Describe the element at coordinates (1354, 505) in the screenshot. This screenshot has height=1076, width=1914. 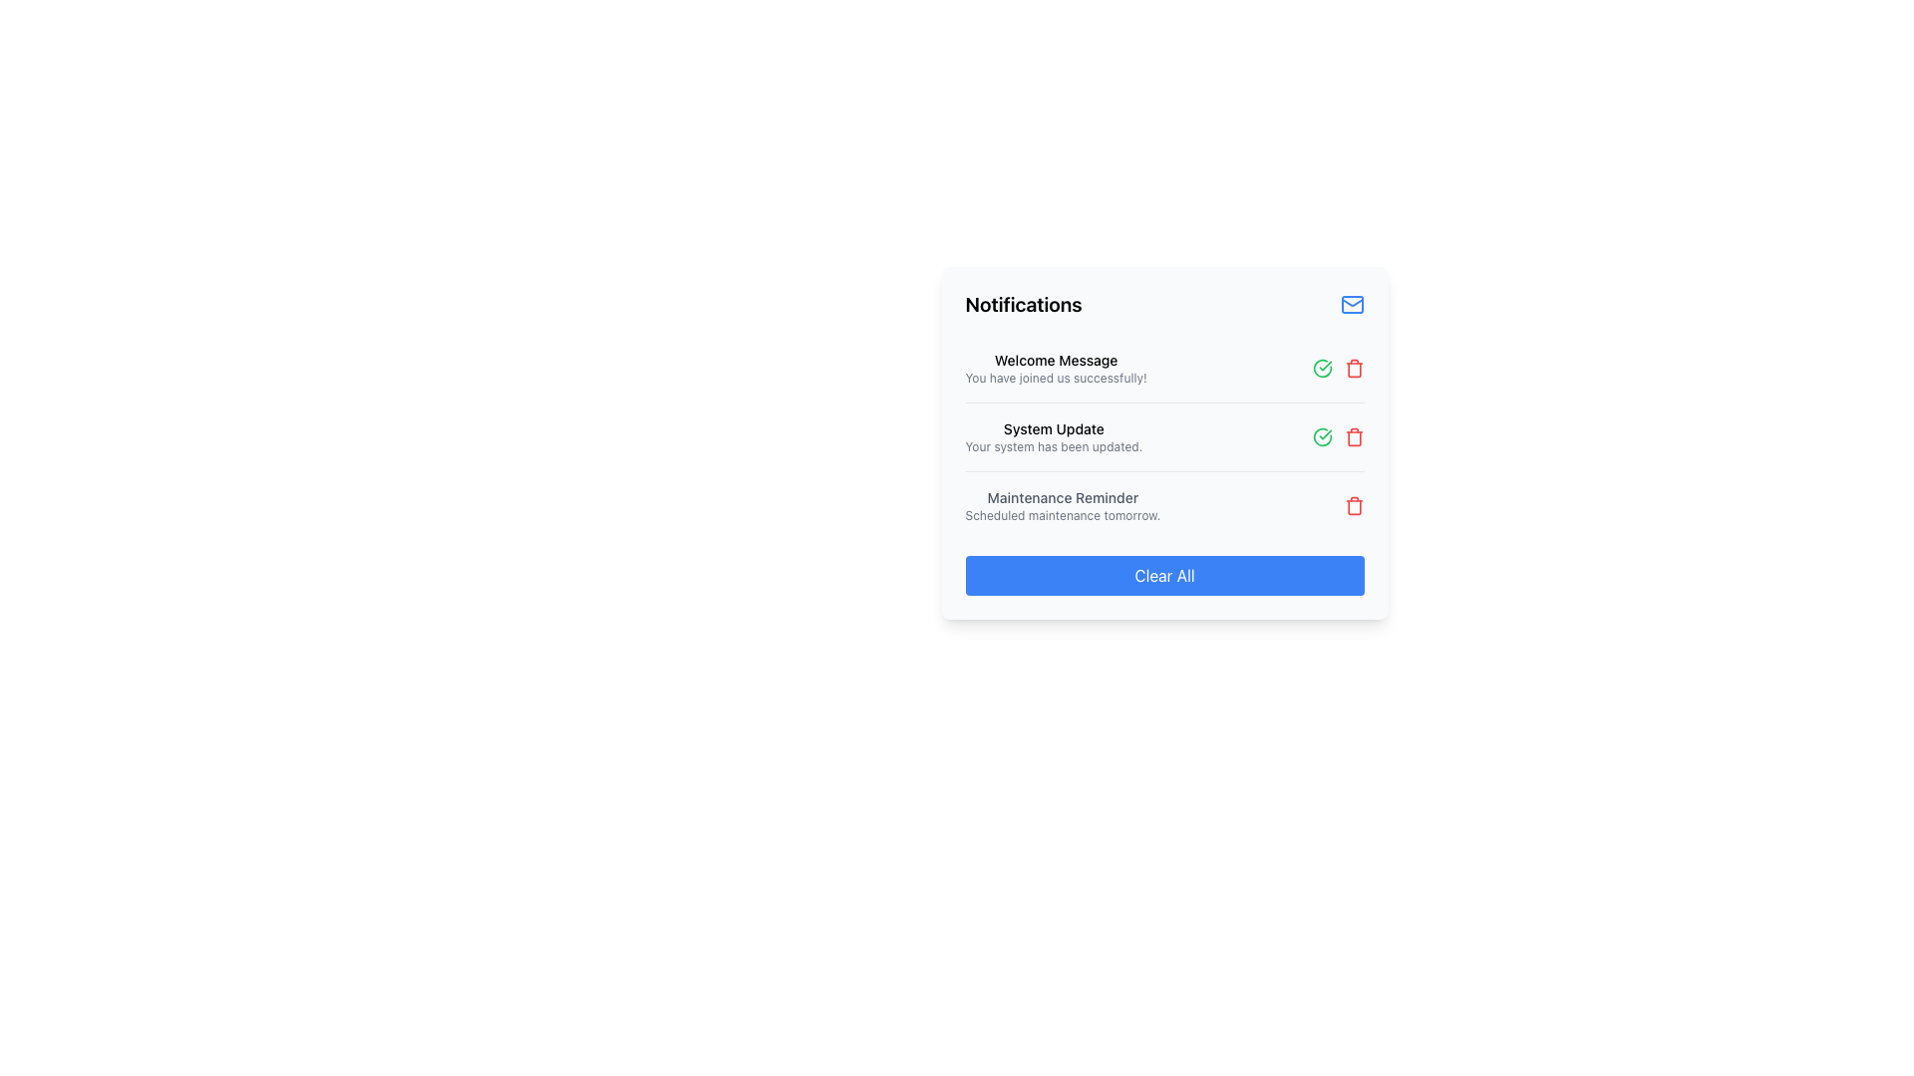
I see `the delete button for the 'Maintenance Reminder' notification` at that location.